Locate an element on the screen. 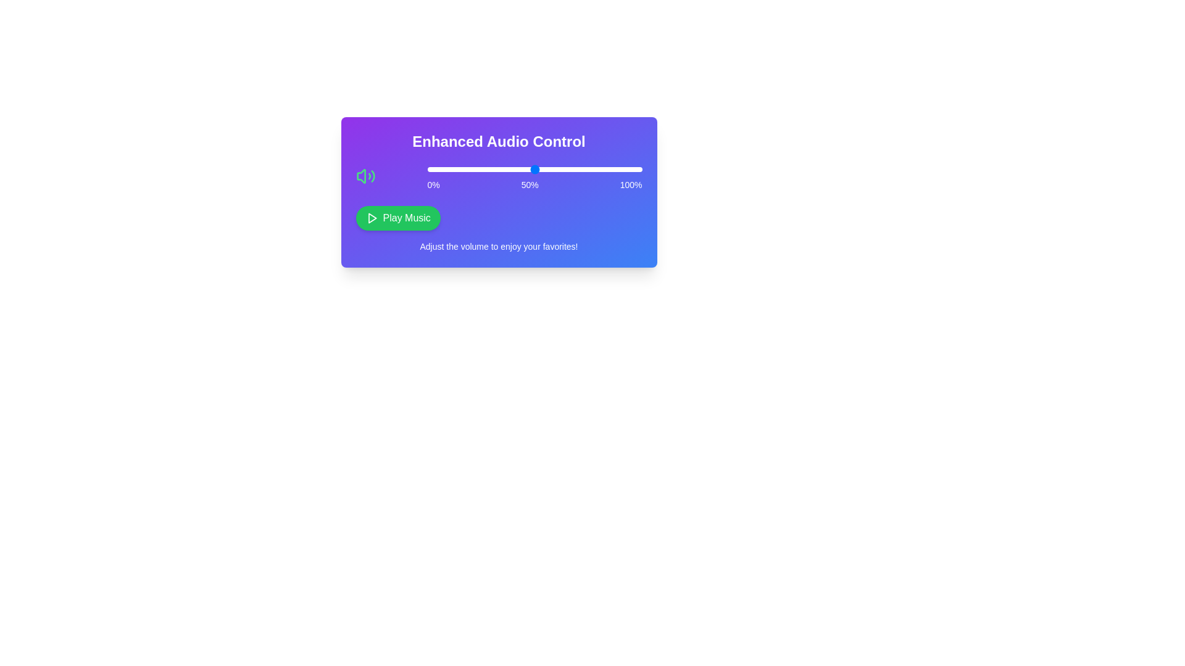 The image size is (1185, 666). the slider to set the volume to 84% is located at coordinates (607, 169).